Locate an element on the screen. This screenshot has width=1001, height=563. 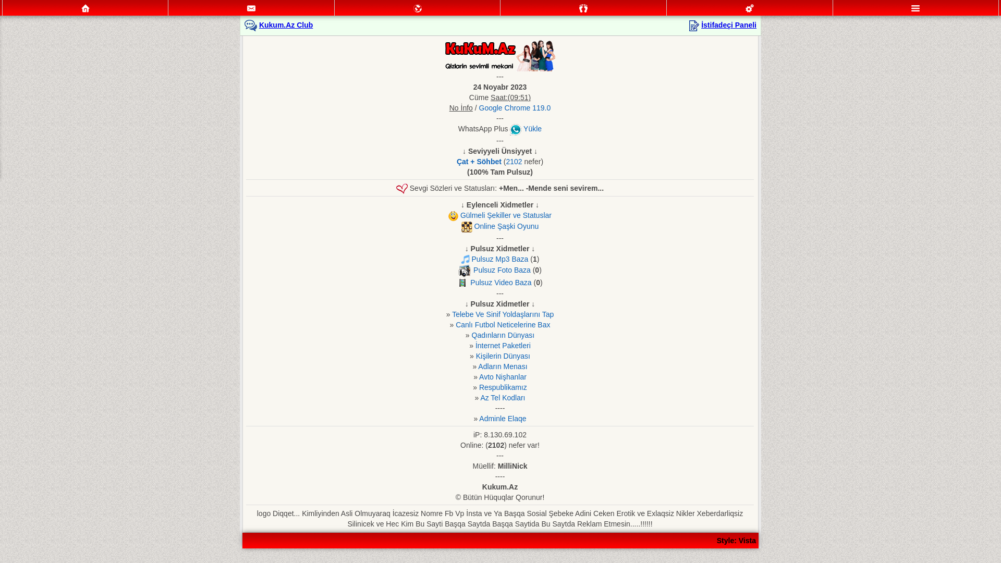
'Style: Vista' is located at coordinates (736, 540).